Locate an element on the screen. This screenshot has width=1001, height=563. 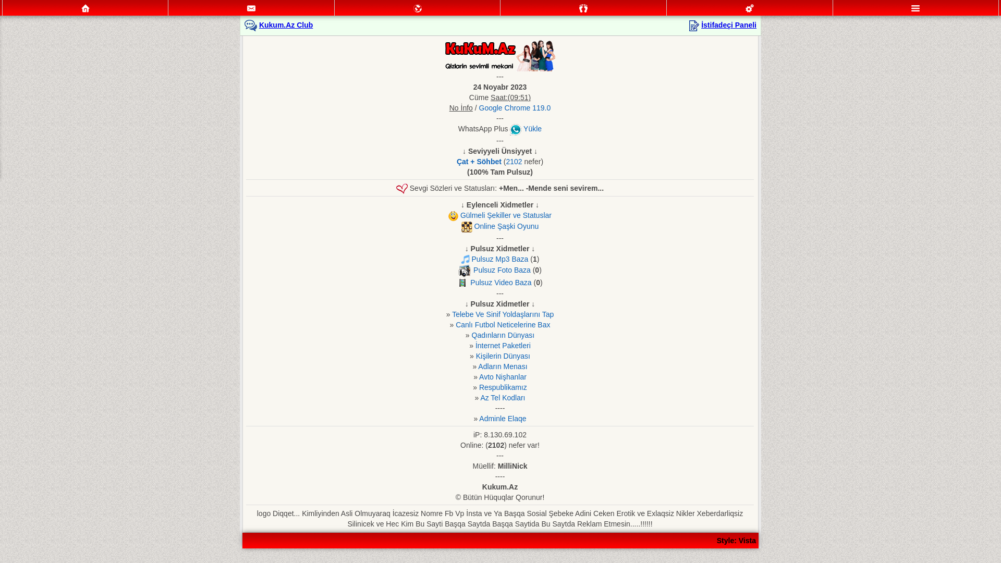
'Style: Vista' is located at coordinates (736, 540).